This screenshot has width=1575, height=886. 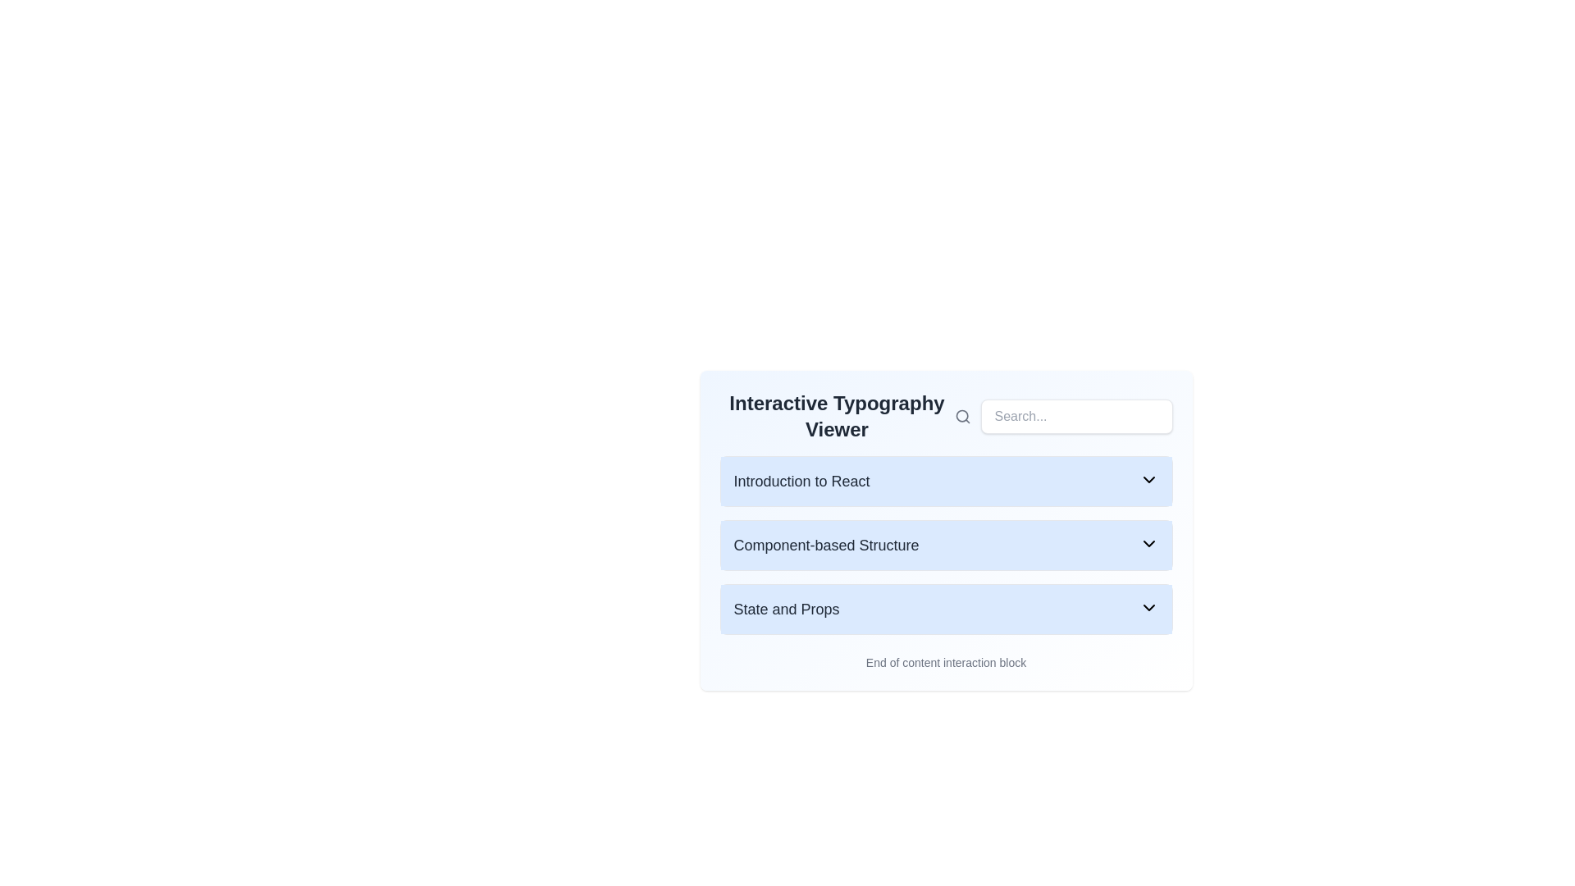 I want to click on the Dropdown toggle button located at the top of the list, so click(x=946, y=480).